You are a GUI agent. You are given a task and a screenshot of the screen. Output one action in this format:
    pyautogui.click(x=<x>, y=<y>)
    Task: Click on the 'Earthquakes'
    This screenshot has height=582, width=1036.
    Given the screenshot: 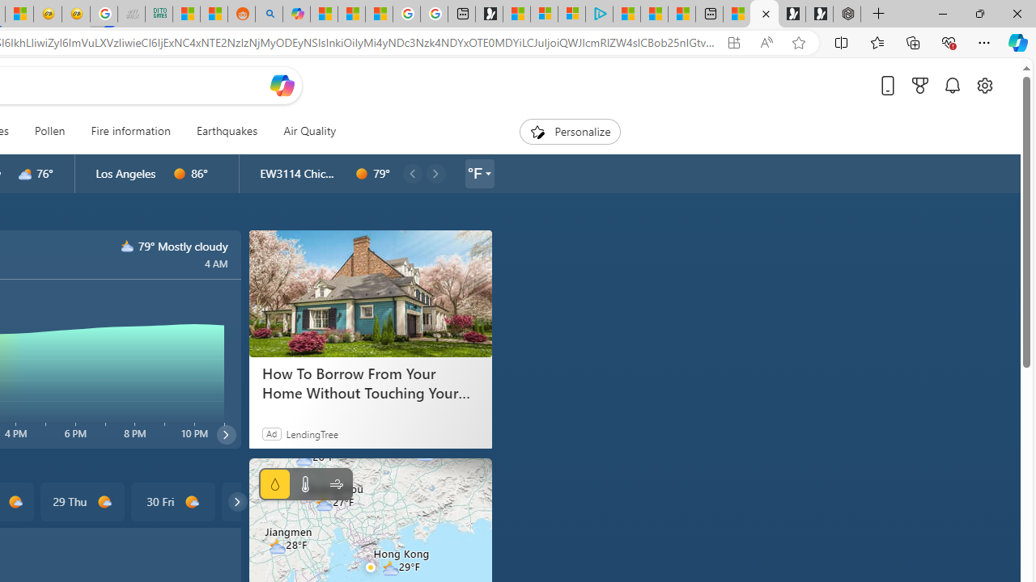 What is the action you would take?
    pyautogui.click(x=226, y=131)
    